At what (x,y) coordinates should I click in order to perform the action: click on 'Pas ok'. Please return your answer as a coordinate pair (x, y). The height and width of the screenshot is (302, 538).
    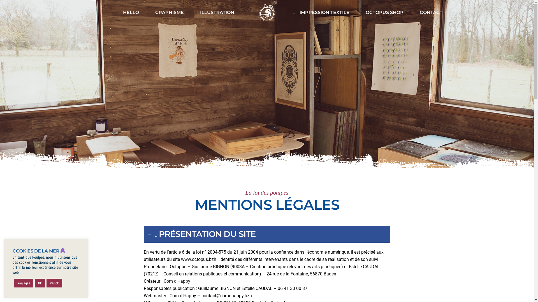
    Looking at the image, I should click on (54, 283).